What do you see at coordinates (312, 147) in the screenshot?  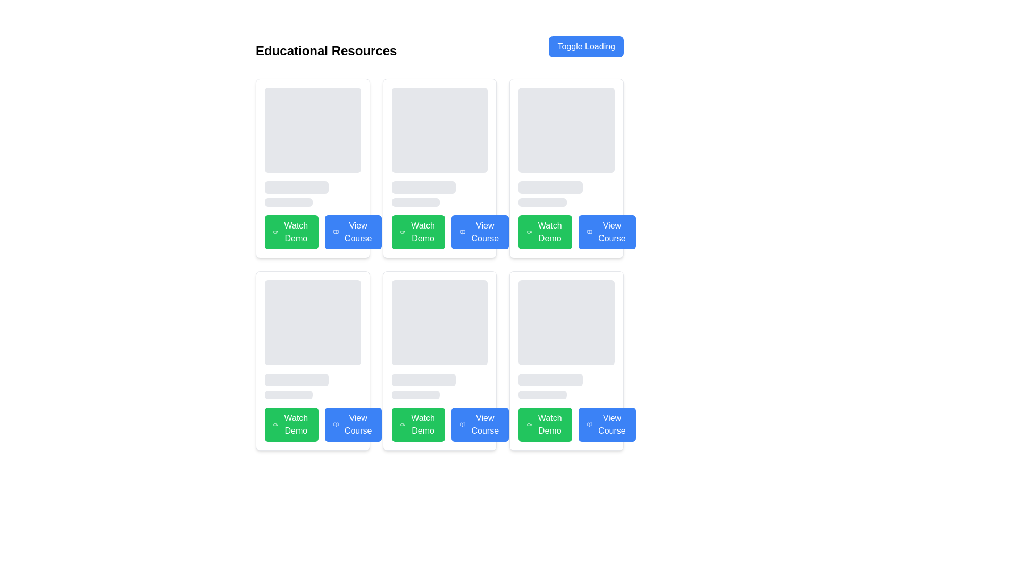 I see `the Placeholder skeleton loader located in the upper section of the first card in the grid layout, which indicates that content is currently loading` at bounding box center [312, 147].